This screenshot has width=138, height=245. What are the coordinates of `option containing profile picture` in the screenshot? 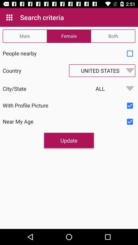 It's located at (130, 105).